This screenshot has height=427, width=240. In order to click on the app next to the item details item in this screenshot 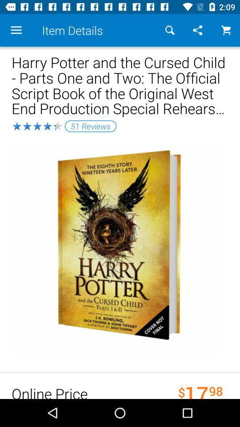, I will do `click(170, 30)`.